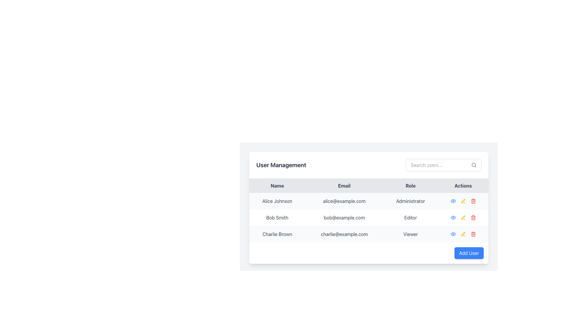  Describe the element at coordinates (463, 201) in the screenshot. I see `the 'Edit' button located in the 'Actions' column of the first row under the 'Administrator' role` at that location.